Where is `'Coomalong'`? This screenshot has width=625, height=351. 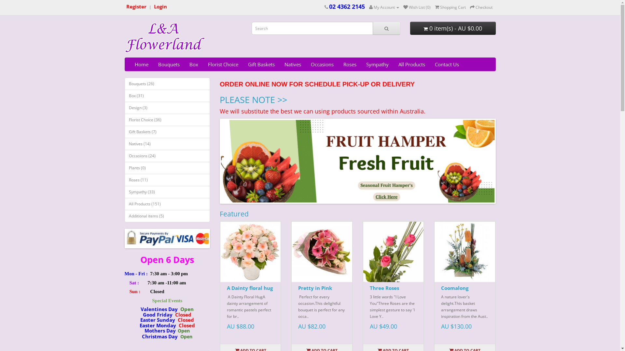 'Coomalong' is located at coordinates (454, 288).